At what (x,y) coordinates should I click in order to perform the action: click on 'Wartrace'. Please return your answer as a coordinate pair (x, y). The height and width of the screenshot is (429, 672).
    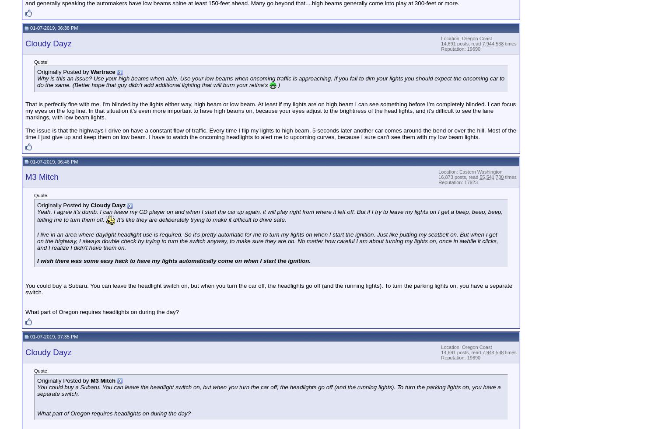
    Looking at the image, I should click on (102, 71).